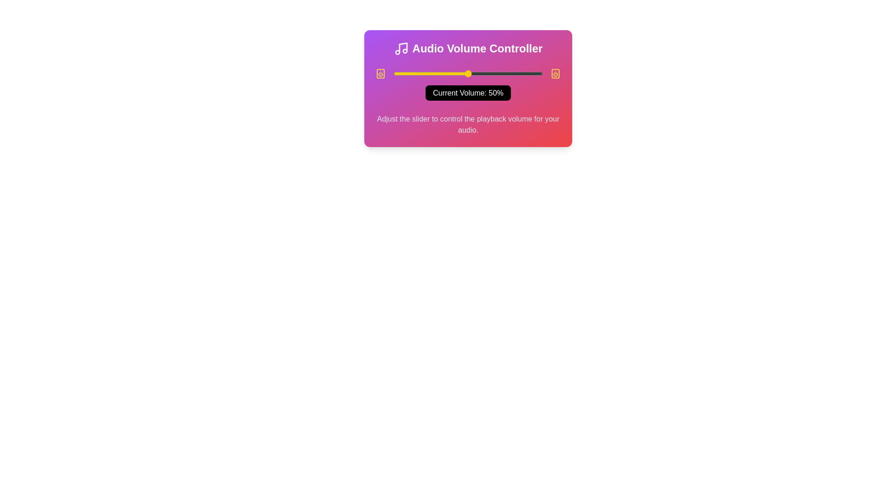 Image resolution: width=891 pixels, height=501 pixels. Describe the element at coordinates (483, 73) in the screenshot. I see `the slider to set the volume to 60%` at that location.